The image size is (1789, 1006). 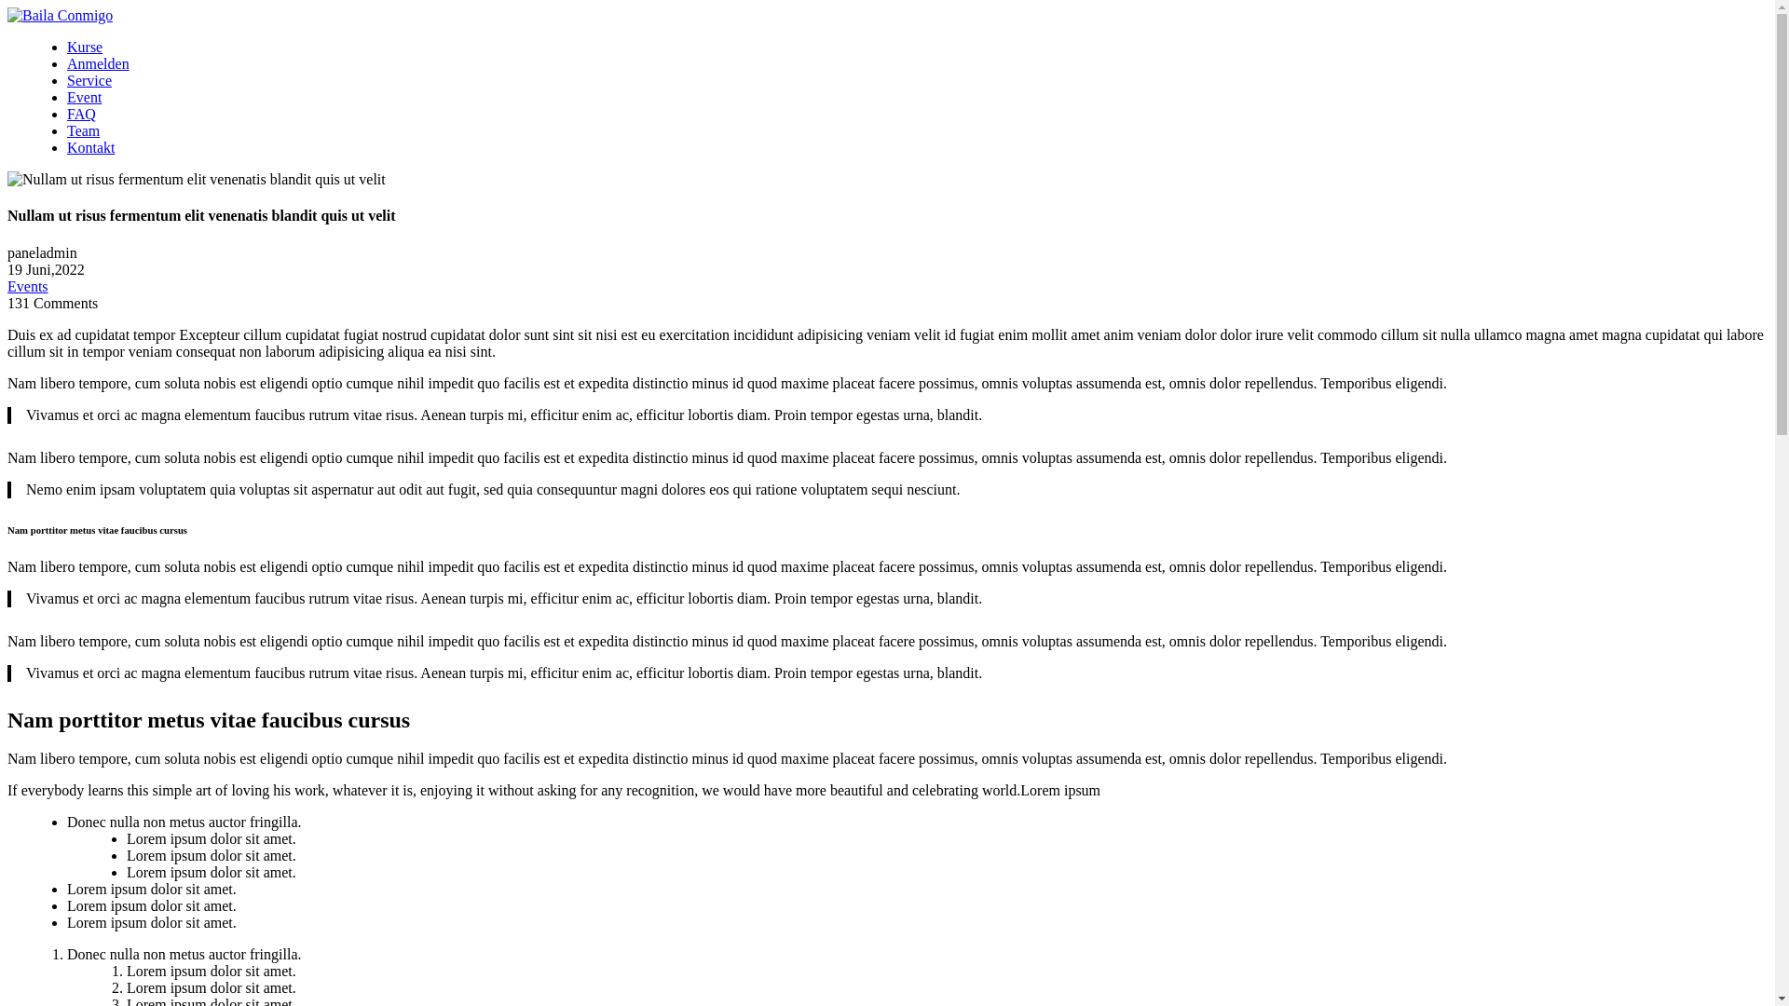 What do you see at coordinates (84, 46) in the screenshot?
I see `'Kurse'` at bounding box center [84, 46].